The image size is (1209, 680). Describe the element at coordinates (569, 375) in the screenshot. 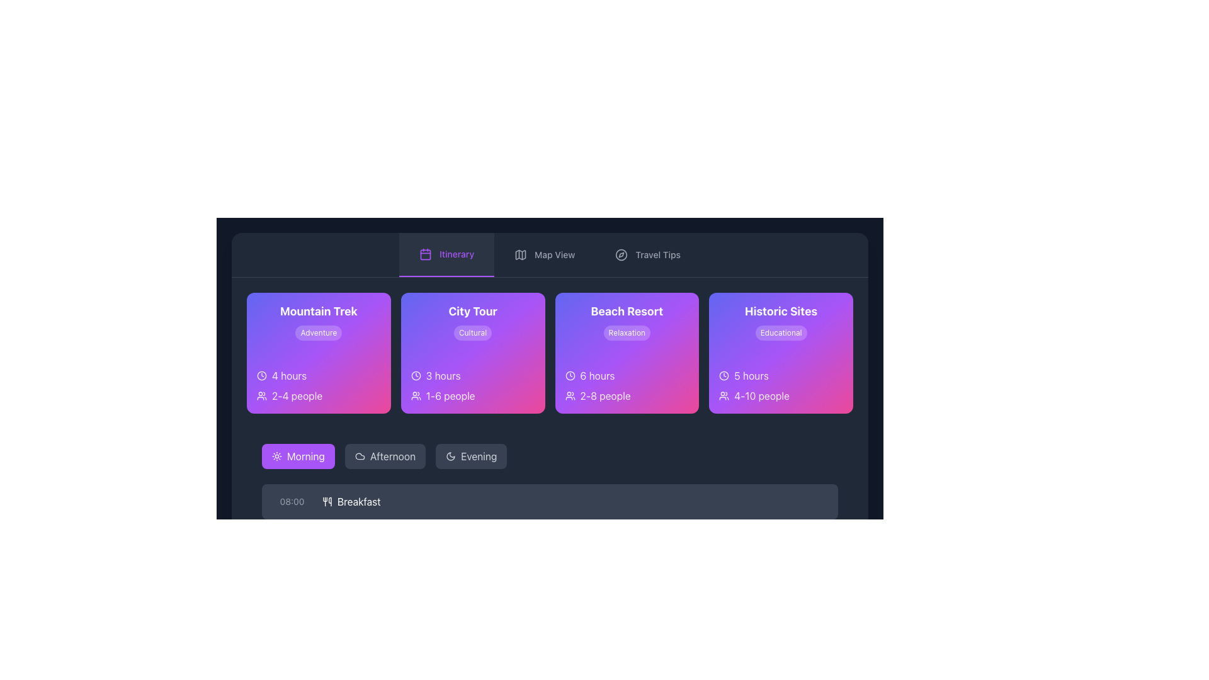

I see `the time icon located to the left of the text '6 hours' in the 'Beach Resort' section of the interface` at that location.